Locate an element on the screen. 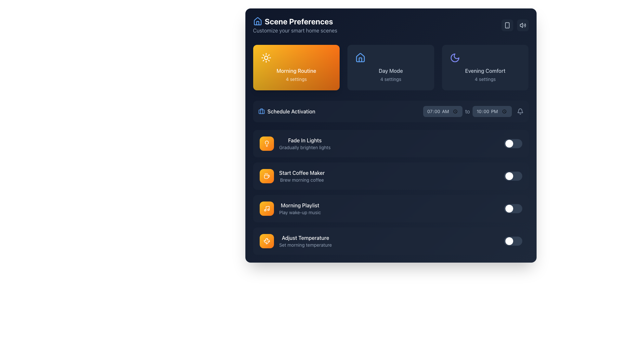 The width and height of the screenshot is (624, 351). the audio settings button located in the top-right corner of the interface is located at coordinates (523, 25).